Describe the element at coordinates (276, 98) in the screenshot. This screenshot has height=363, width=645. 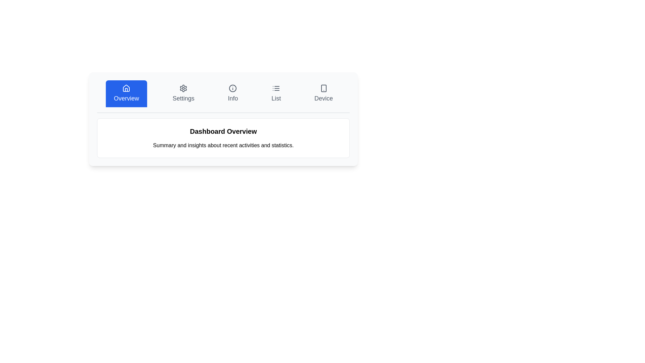
I see `text label that displays 'list', located below the list view icon in the upper-right portion of the interface` at that location.